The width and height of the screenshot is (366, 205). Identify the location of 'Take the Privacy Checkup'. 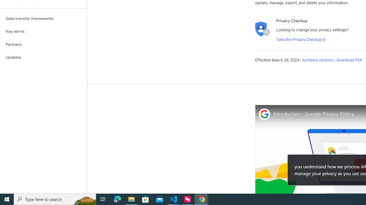
(301, 40).